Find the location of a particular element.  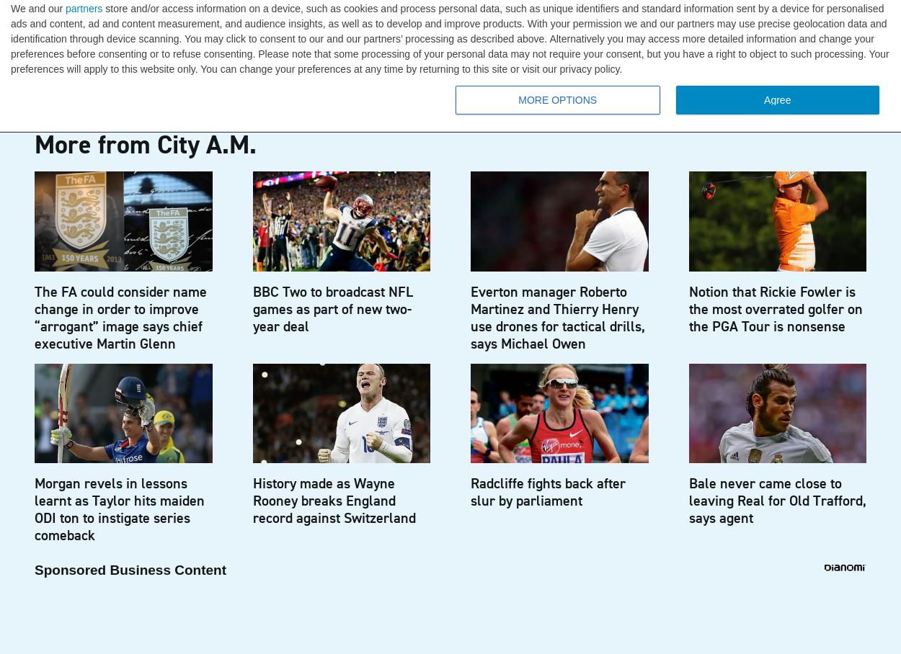

'More from City A.M.' is located at coordinates (145, 143).